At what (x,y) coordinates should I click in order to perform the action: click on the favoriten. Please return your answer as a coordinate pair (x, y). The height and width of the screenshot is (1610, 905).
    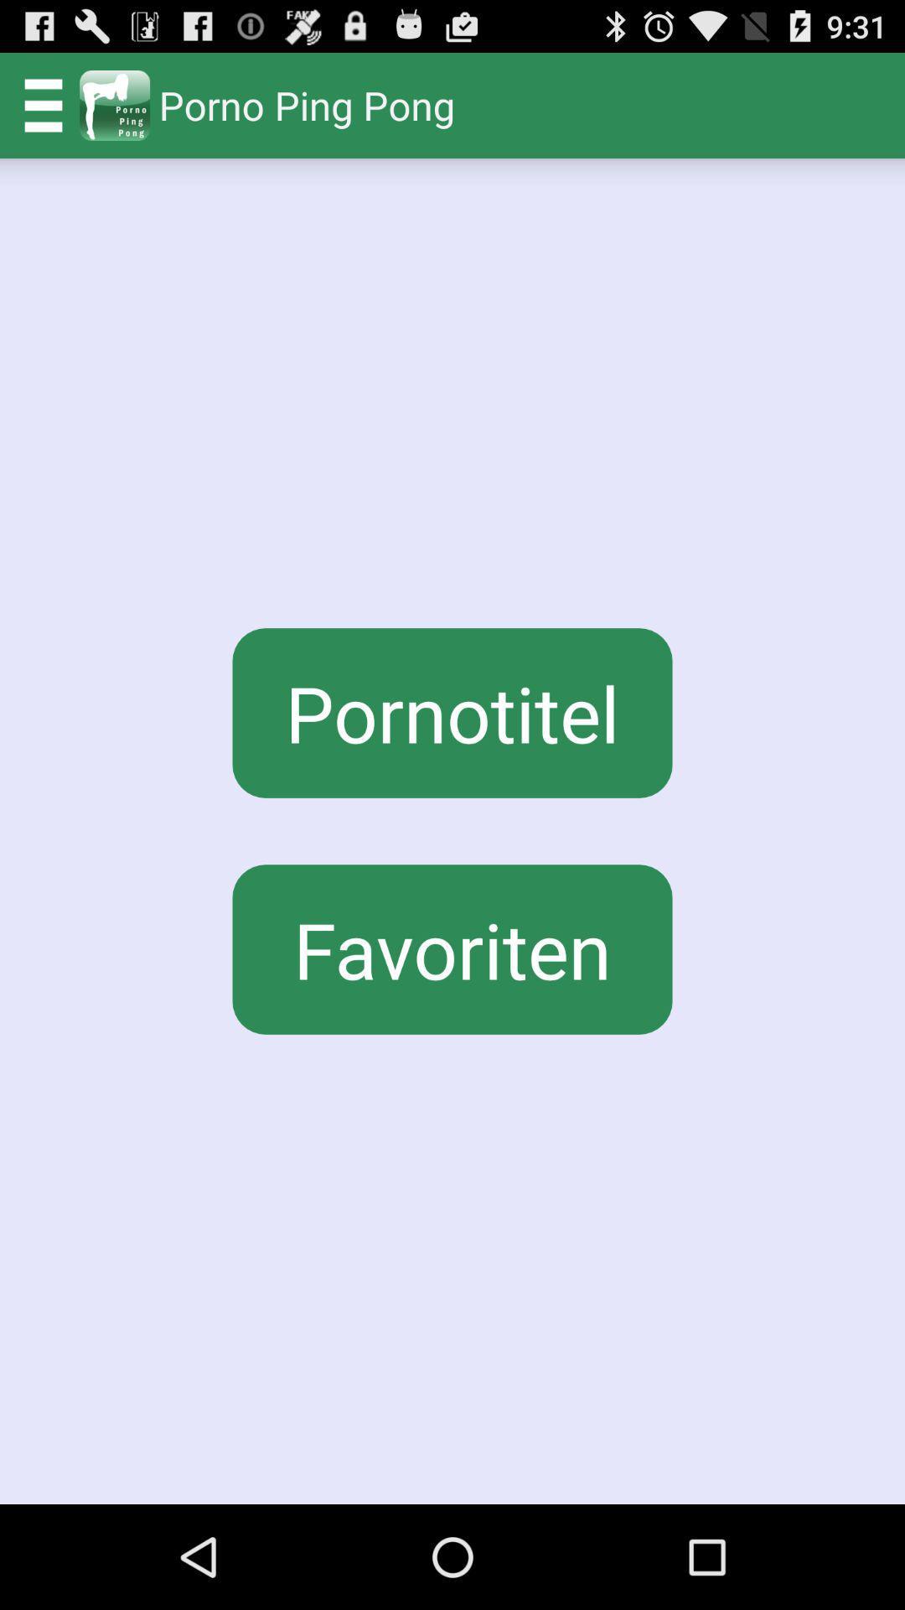
    Looking at the image, I should click on (452, 949).